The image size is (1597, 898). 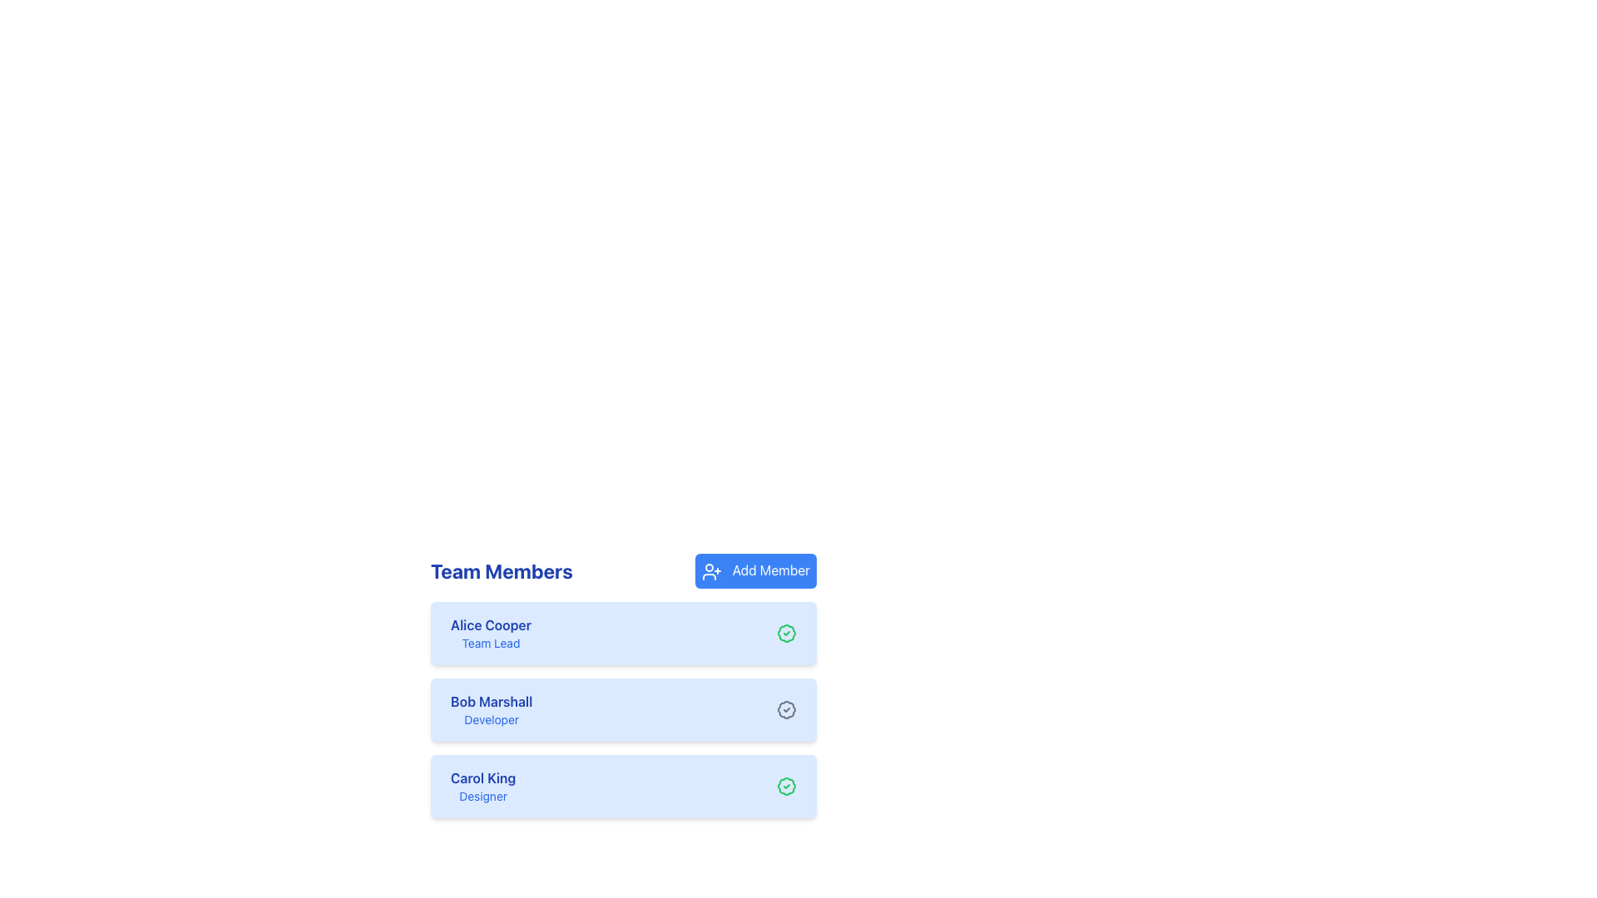 What do you see at coordinates (482, 777) in the screenshot?
I see `the Text Label displaying 'Carol King' in the 'Team Members' section, which serves to identify the specific team member` at bounding box center [482, 777].